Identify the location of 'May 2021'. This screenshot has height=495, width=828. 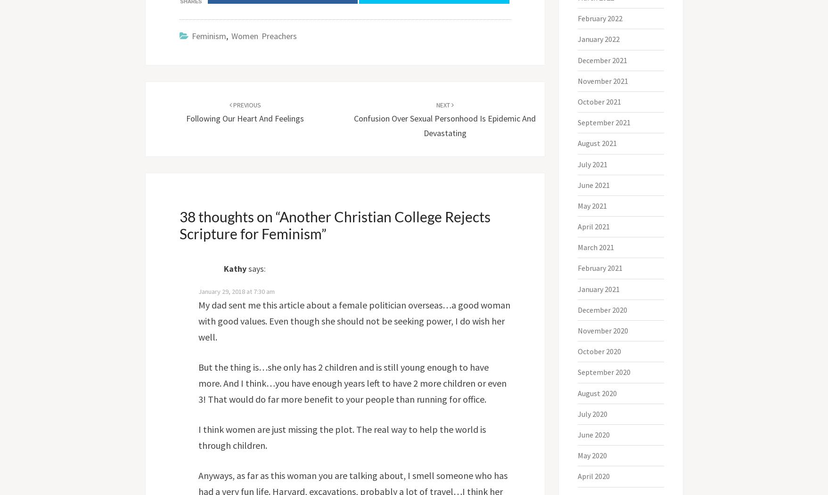
(577, 205).